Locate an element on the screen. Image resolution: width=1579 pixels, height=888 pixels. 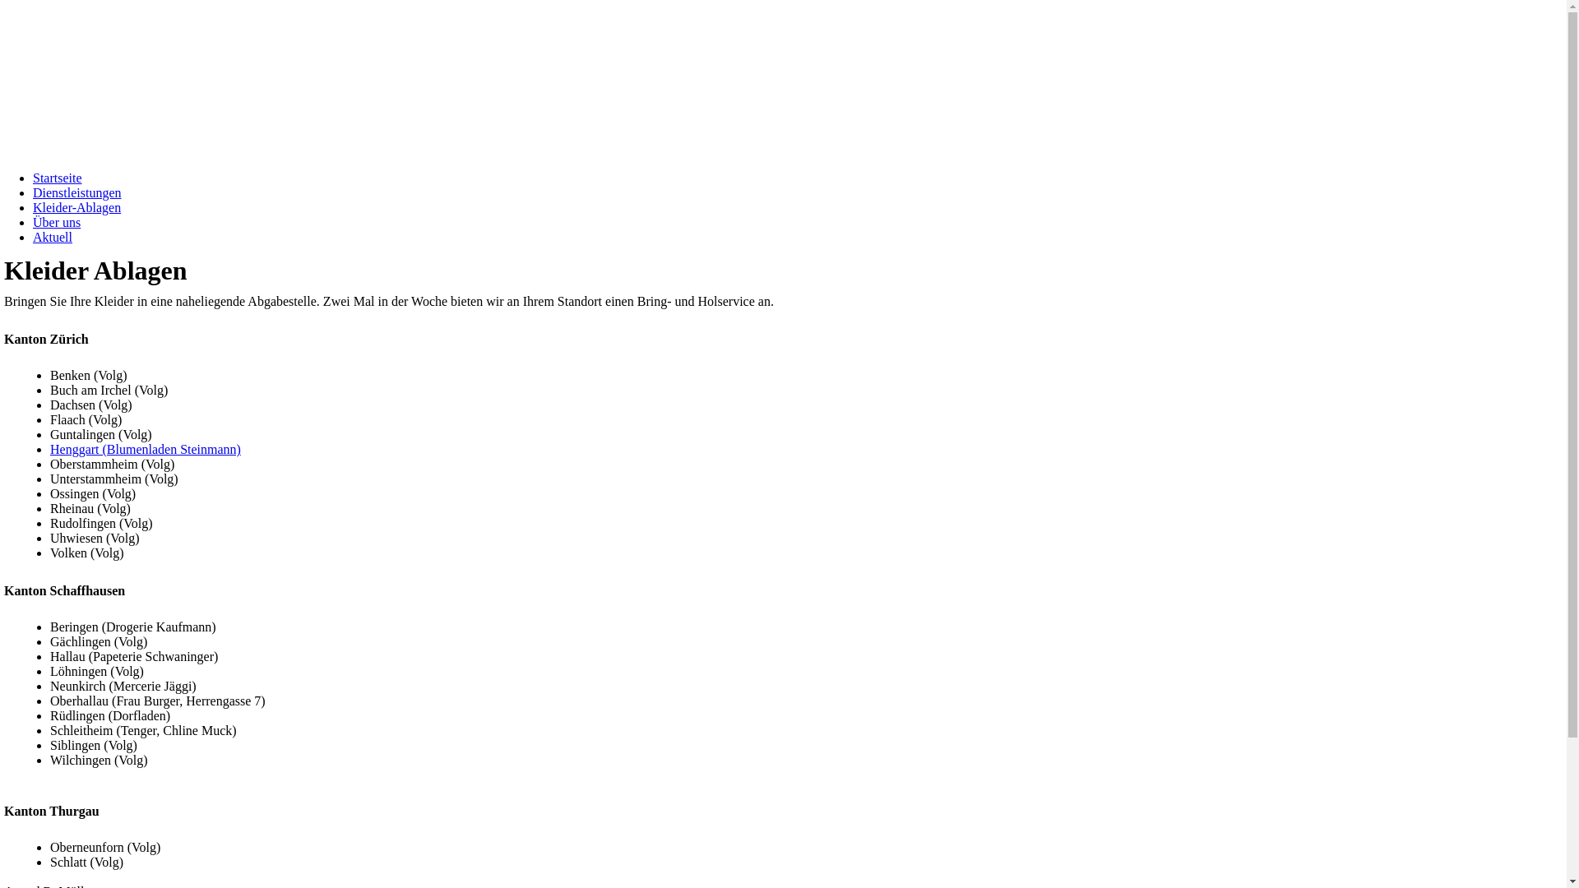
'Aktuell' is located at coordinates (52, 237).